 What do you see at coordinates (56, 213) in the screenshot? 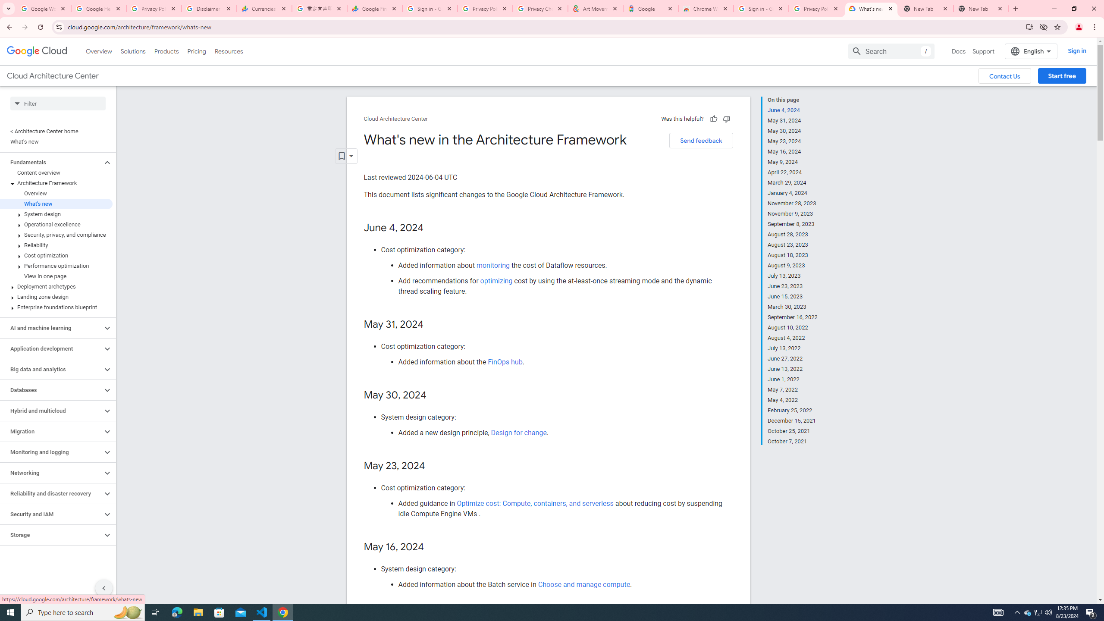
I see `'System design'` at bounding box center [56, 213].